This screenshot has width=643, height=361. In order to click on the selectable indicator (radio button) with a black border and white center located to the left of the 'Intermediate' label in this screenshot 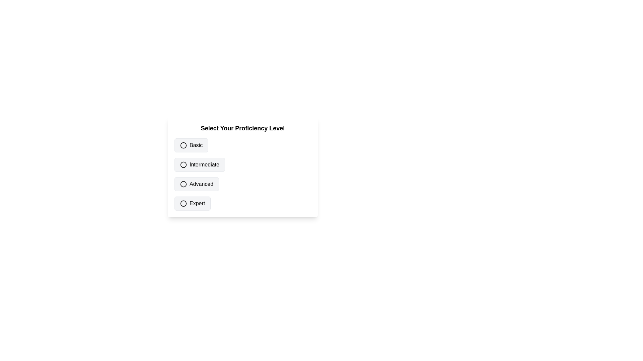, I will do `click(183, 165)`.